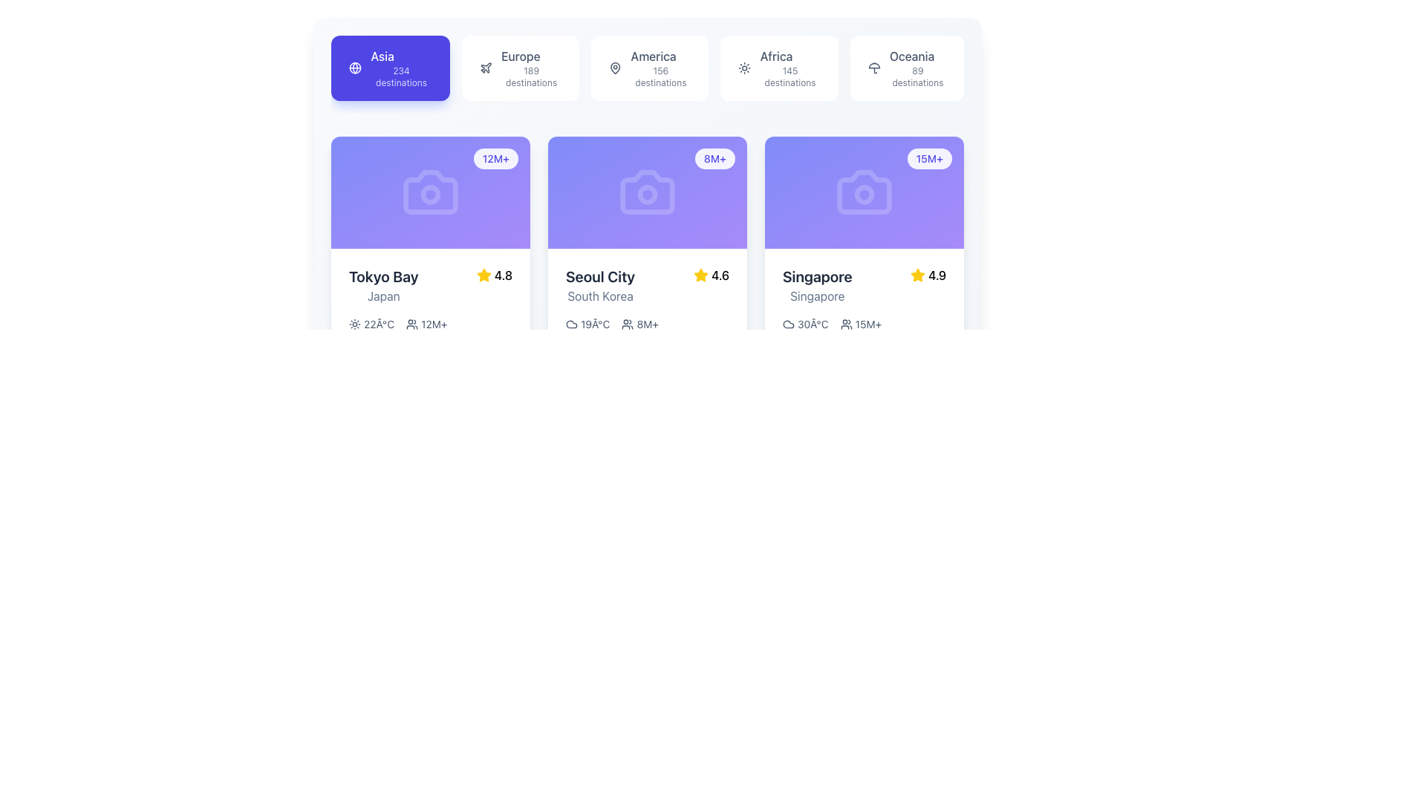 This screenshot has width=1426, height=802. Describe the element at coordinates (531, 77) in the screenshot. I see `the text label that displays the number of destinations available under the category of 'Europe', which is positioned directly below the main label 'Europe'` at that location.